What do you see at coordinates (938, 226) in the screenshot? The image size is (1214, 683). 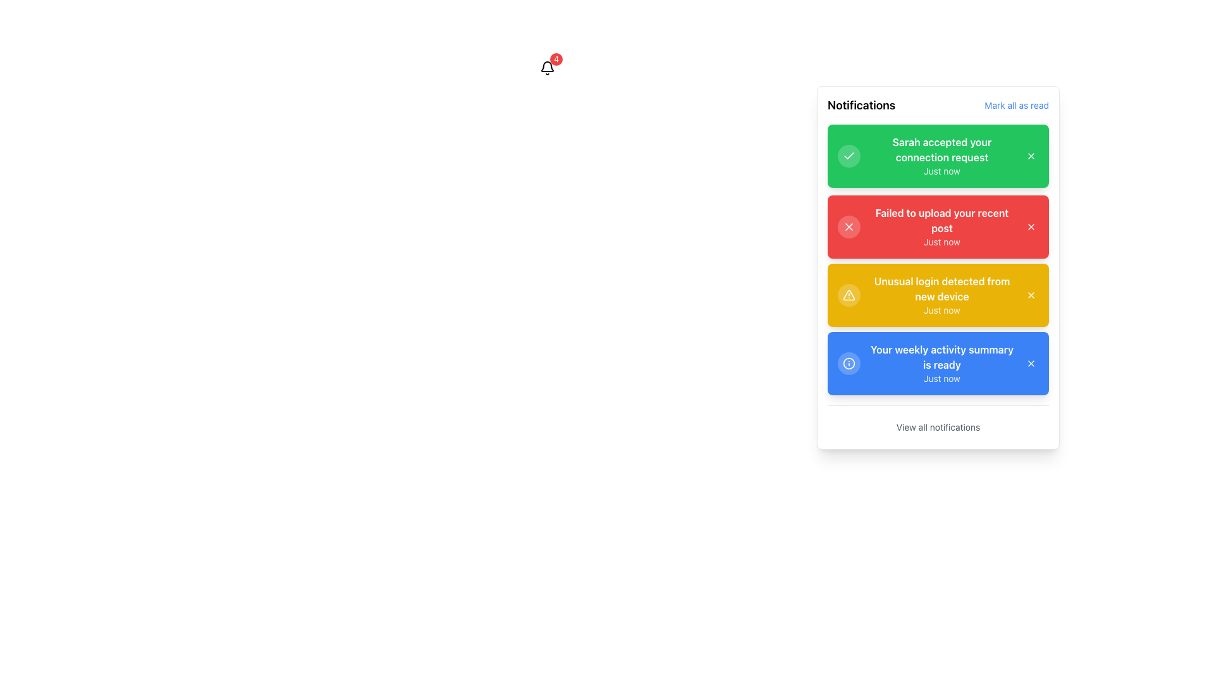 I see `notification text displayed in the interactive notification card that indicates a failed upload of a recent post` at bounding box center [938, 226].